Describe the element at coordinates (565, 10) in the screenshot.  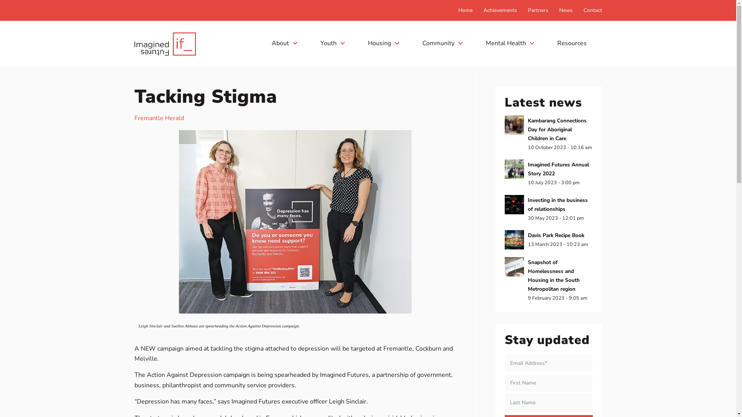
I see `'News'` at that location.